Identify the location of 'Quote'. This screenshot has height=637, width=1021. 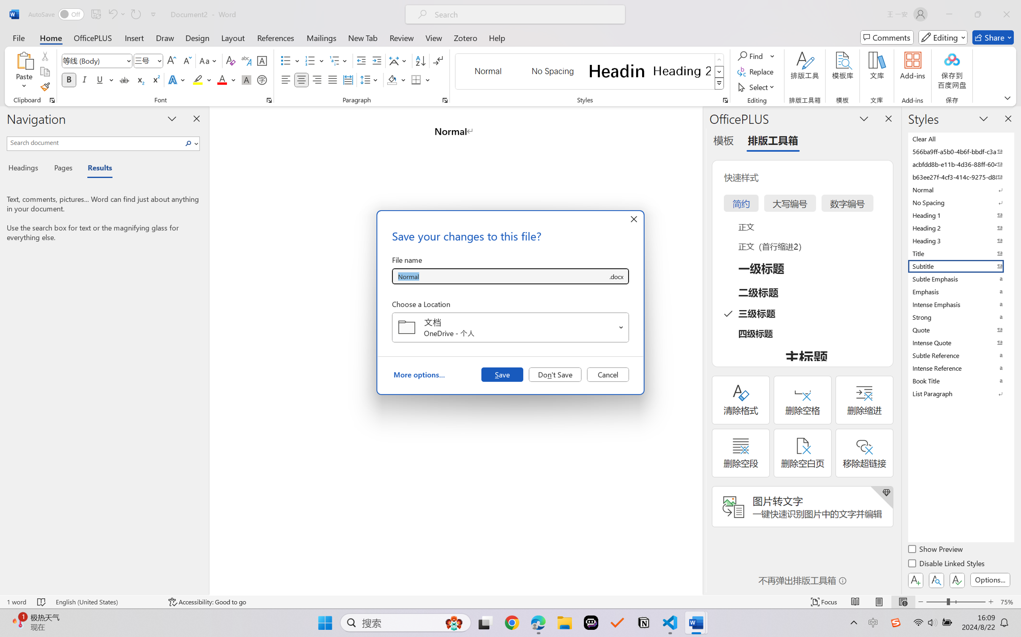
(960, 329).